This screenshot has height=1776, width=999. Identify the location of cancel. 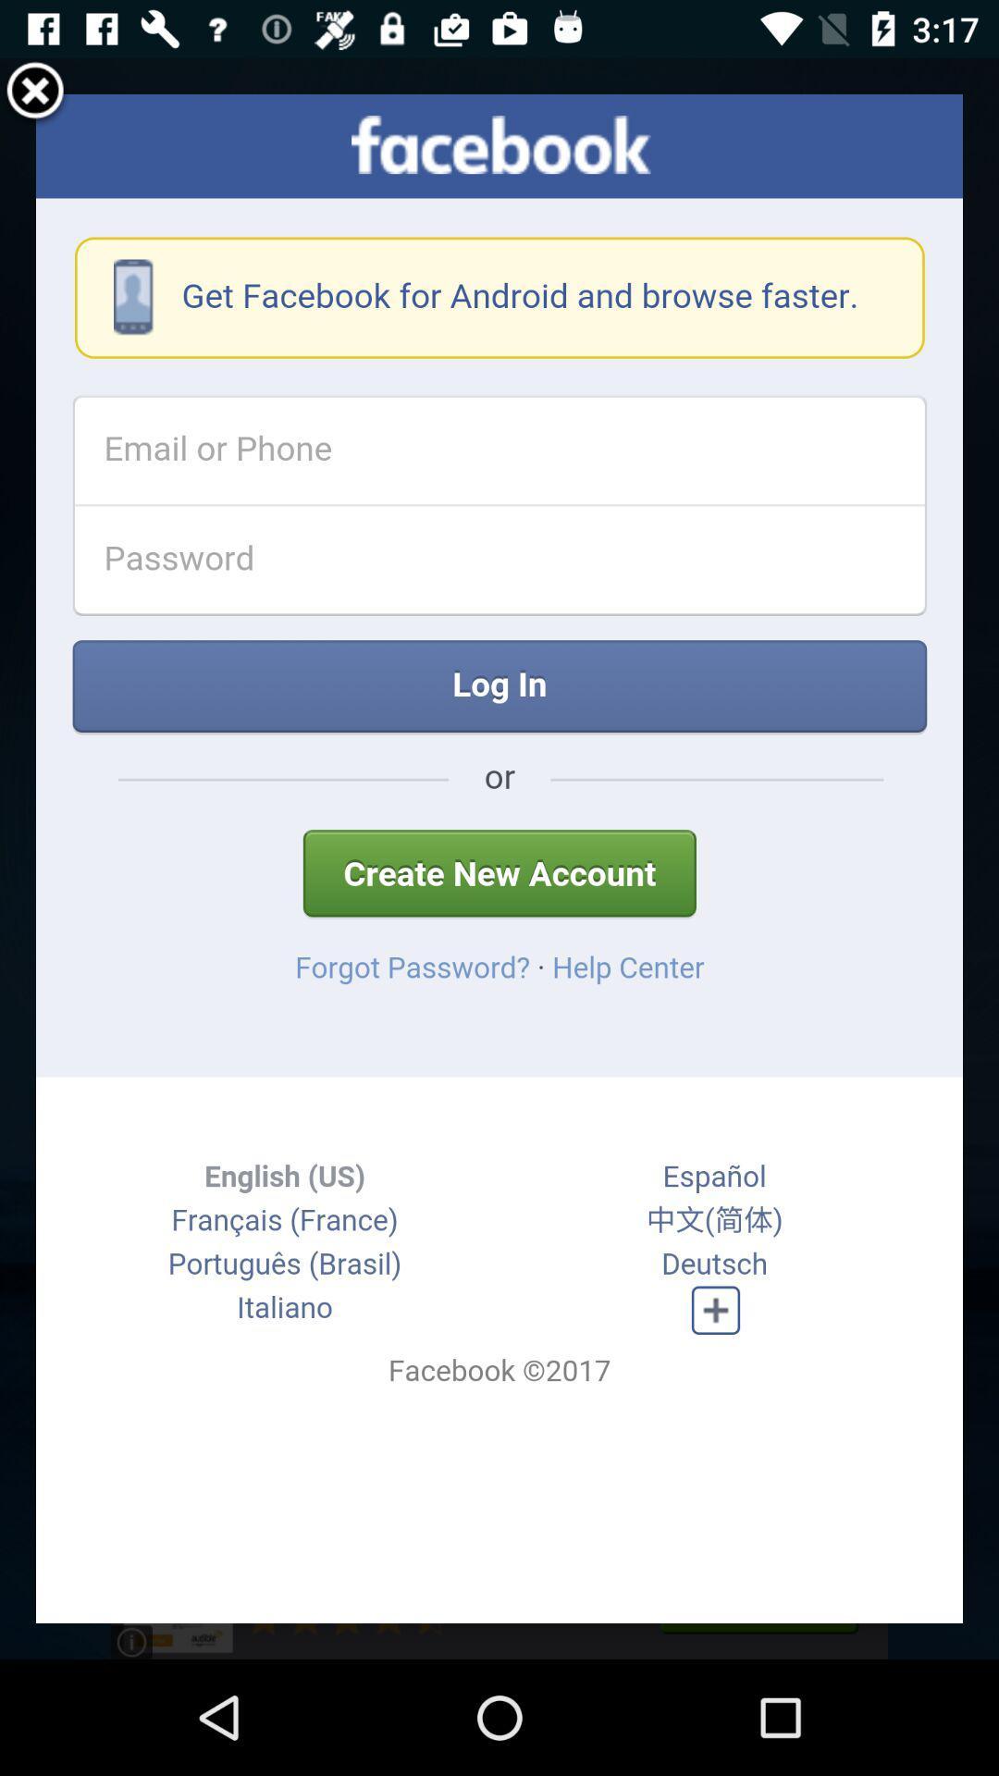
(35, 92).